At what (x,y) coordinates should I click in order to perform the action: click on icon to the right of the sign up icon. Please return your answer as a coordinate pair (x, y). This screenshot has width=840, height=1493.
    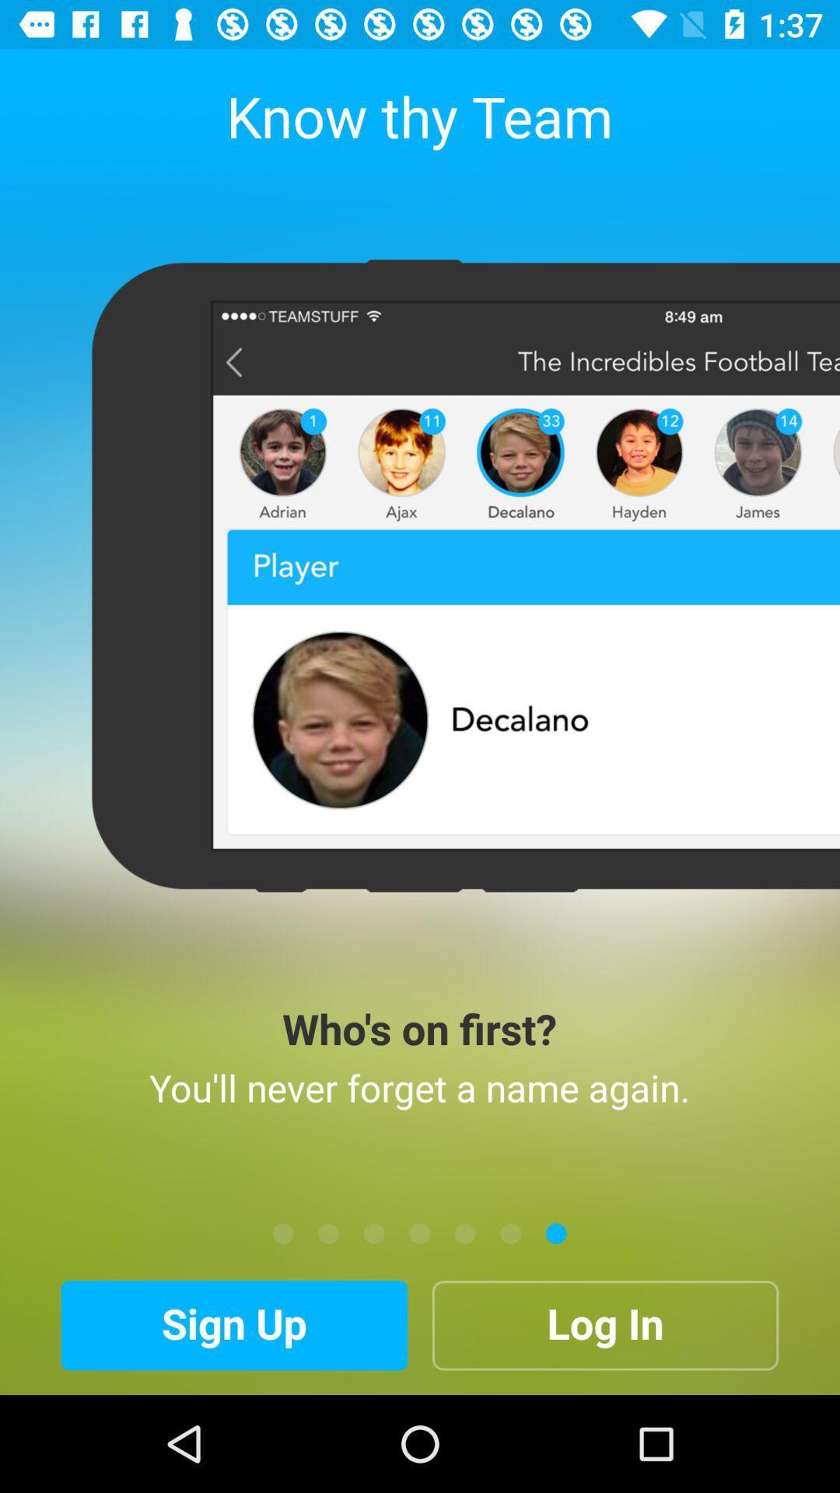
    Looking at the image, I should click on (604, 1324).